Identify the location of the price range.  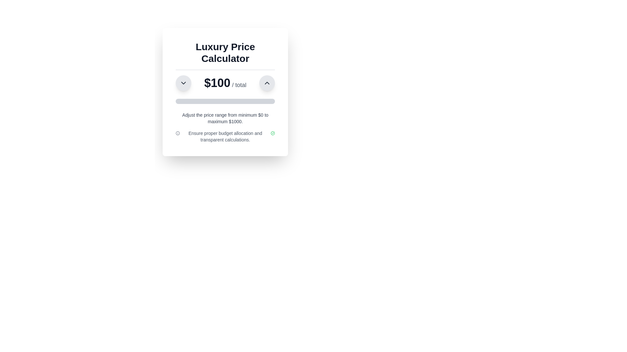
(240, 101).